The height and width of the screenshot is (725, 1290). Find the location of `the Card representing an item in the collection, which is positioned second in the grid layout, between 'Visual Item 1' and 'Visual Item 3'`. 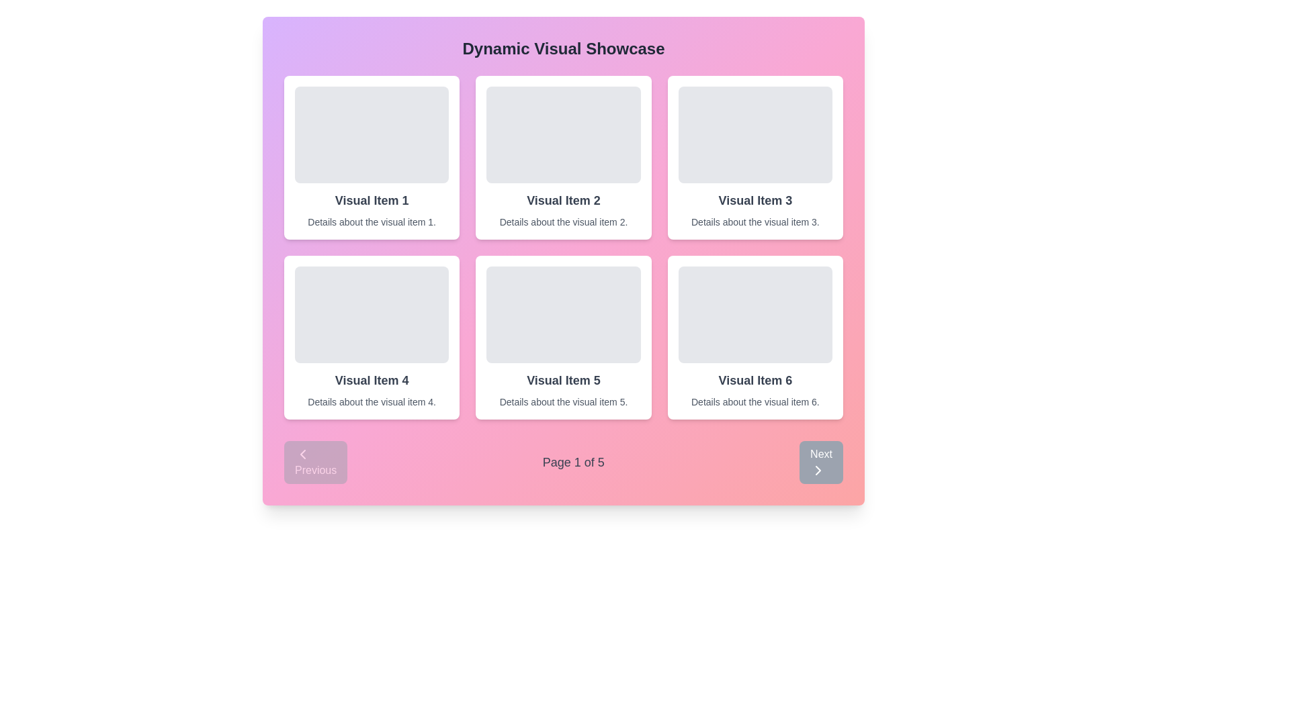

the Card representing an item in the collection, which is positioned second in the grid layout, between 'Visual Item 1' and 'Visual Item 3' is located at coordinates (564, 157).